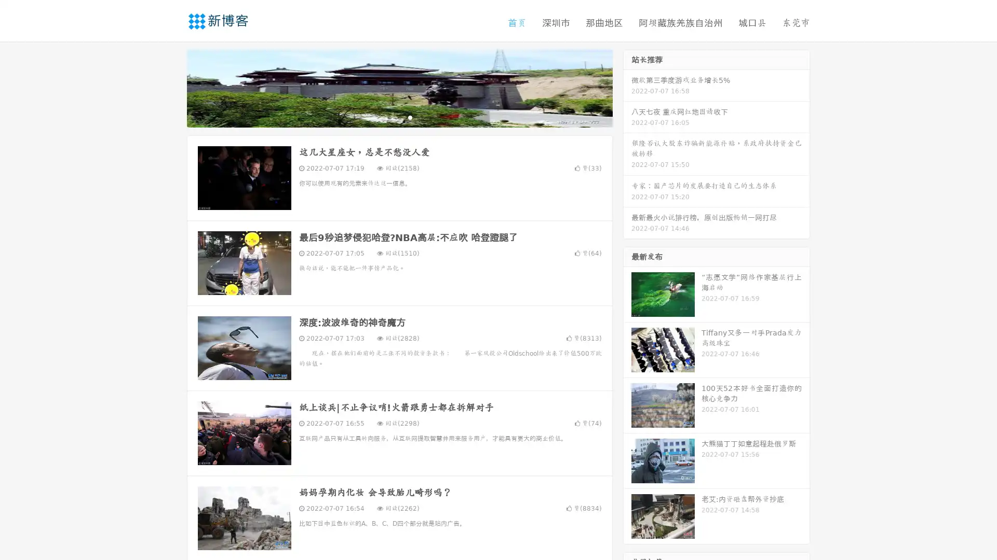 The height and width of the screenshot is (560, 997). Describe the element at coordinates (171, 87) in the screenshot. I see `Previous slide` at that location.